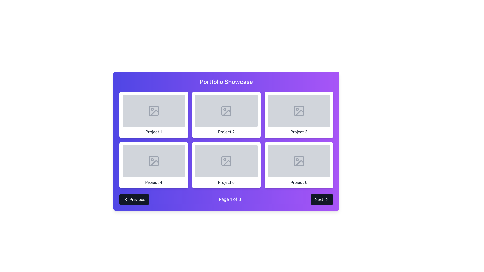 This screenshot has height=272, width=484. I want to click on text displayed in the bold, dark gray font labeled 'Project 6' located in the bottom row of the portfolio showcase panel, positioned below the associated placeholder image, so click(299, 182).